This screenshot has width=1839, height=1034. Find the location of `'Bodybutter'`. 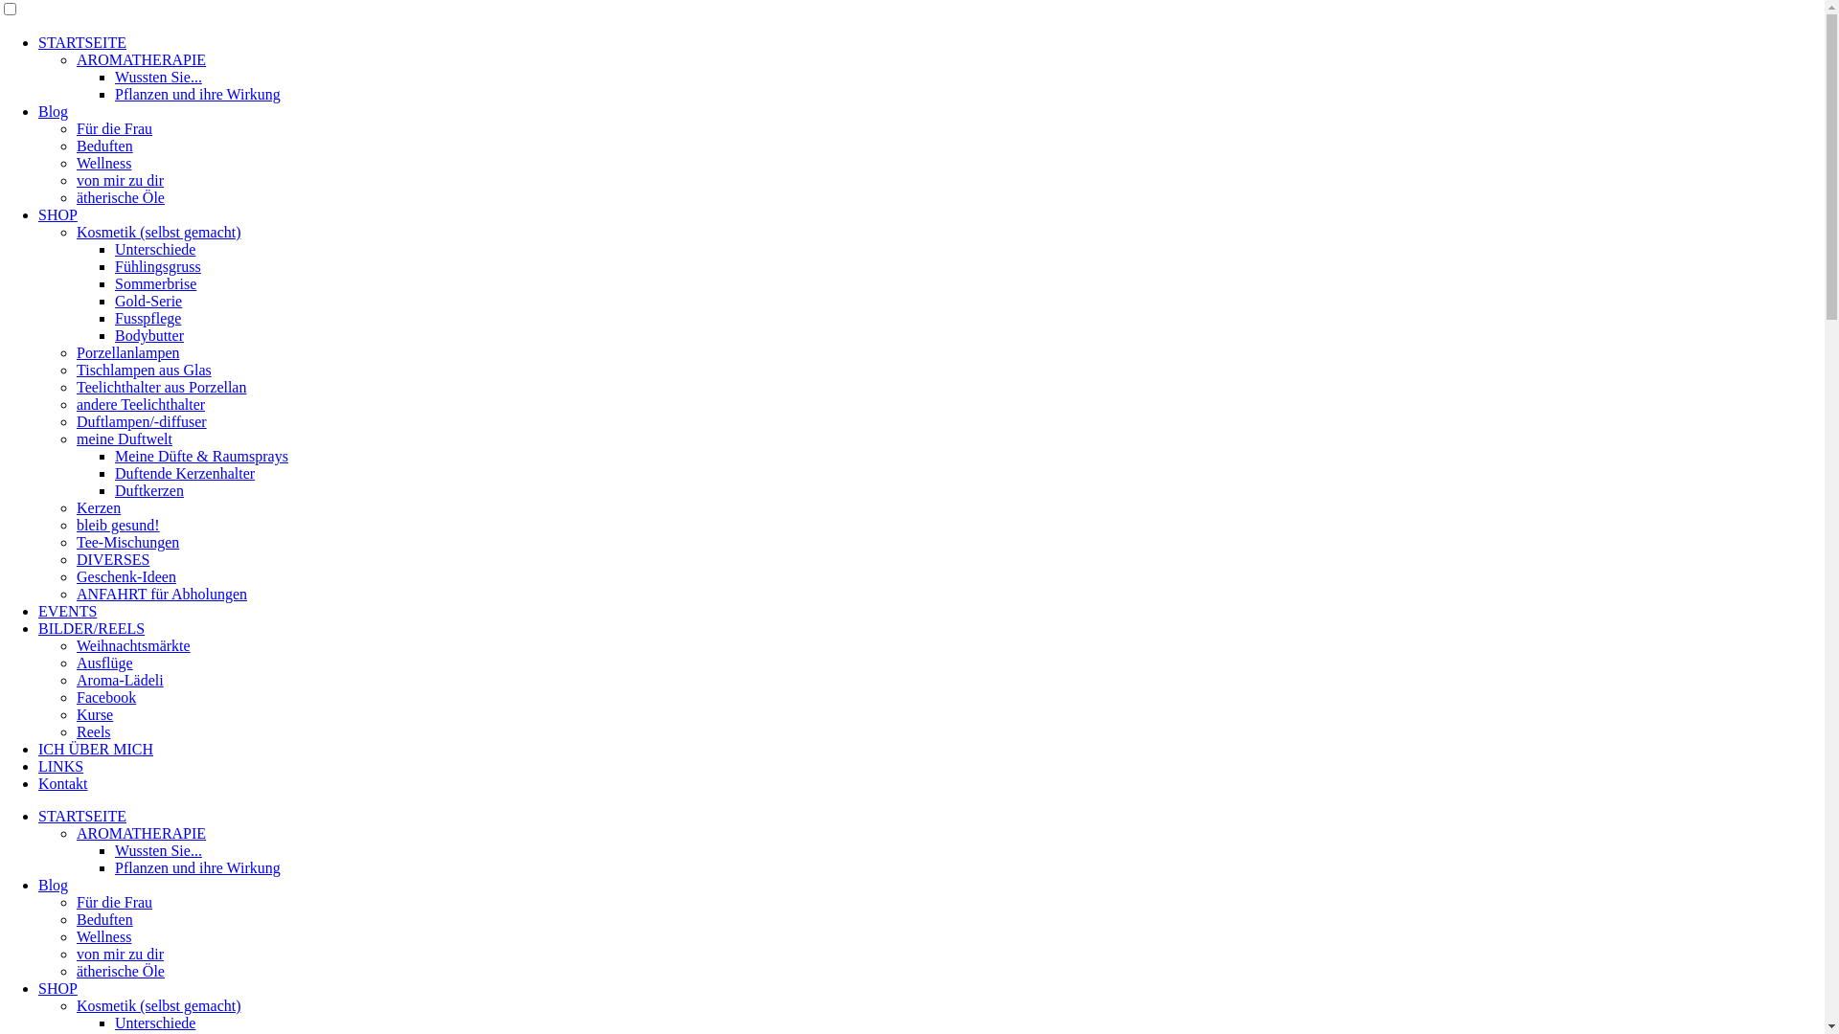

'Bodybutter' is located at coordinates (148, 334).